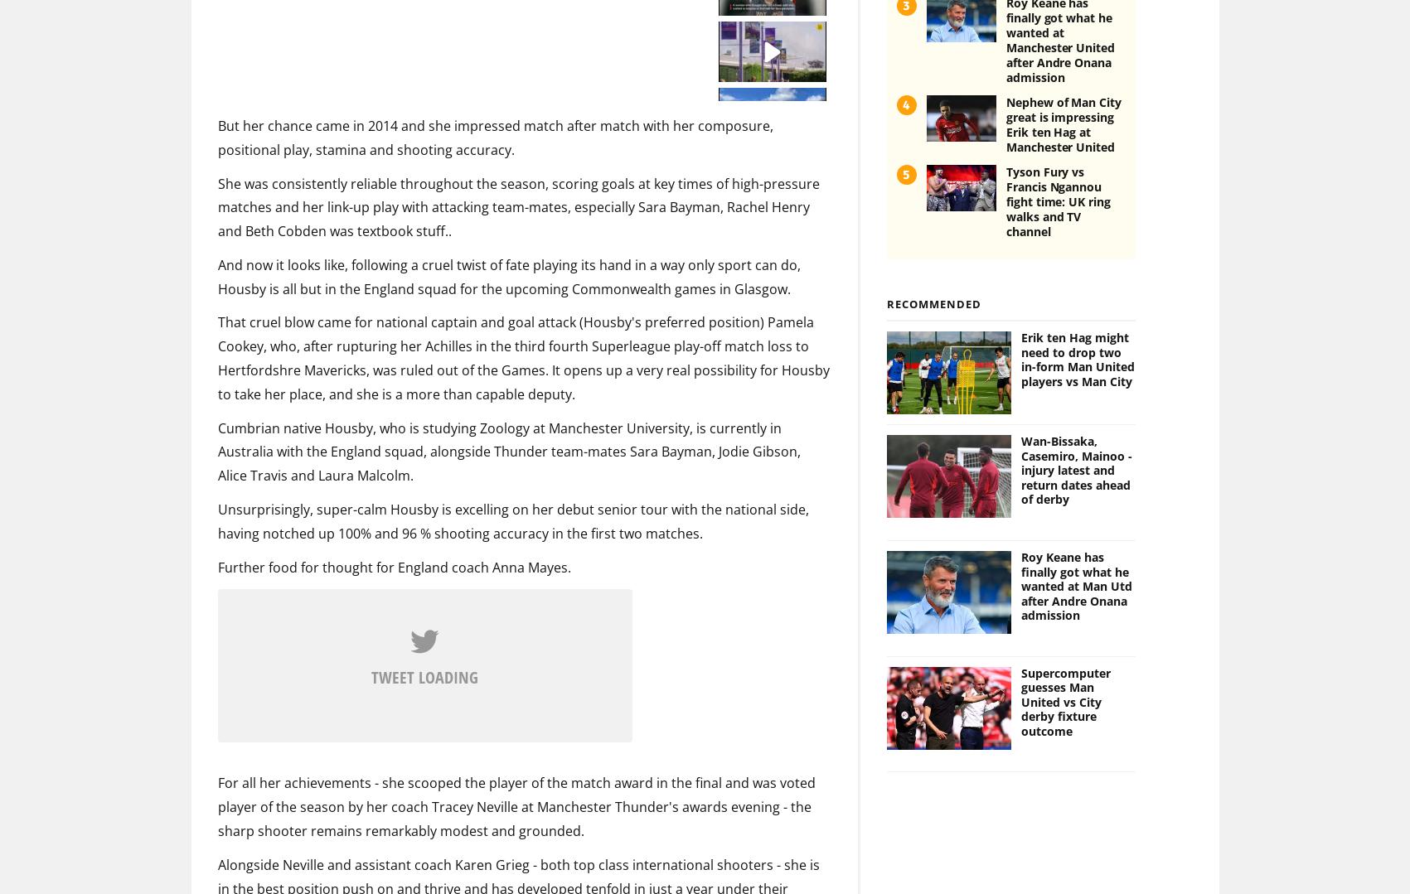  What do you see at coordinates (906, 77) in the screenshot?
I see `'4'` at bounding box center [906, 77].